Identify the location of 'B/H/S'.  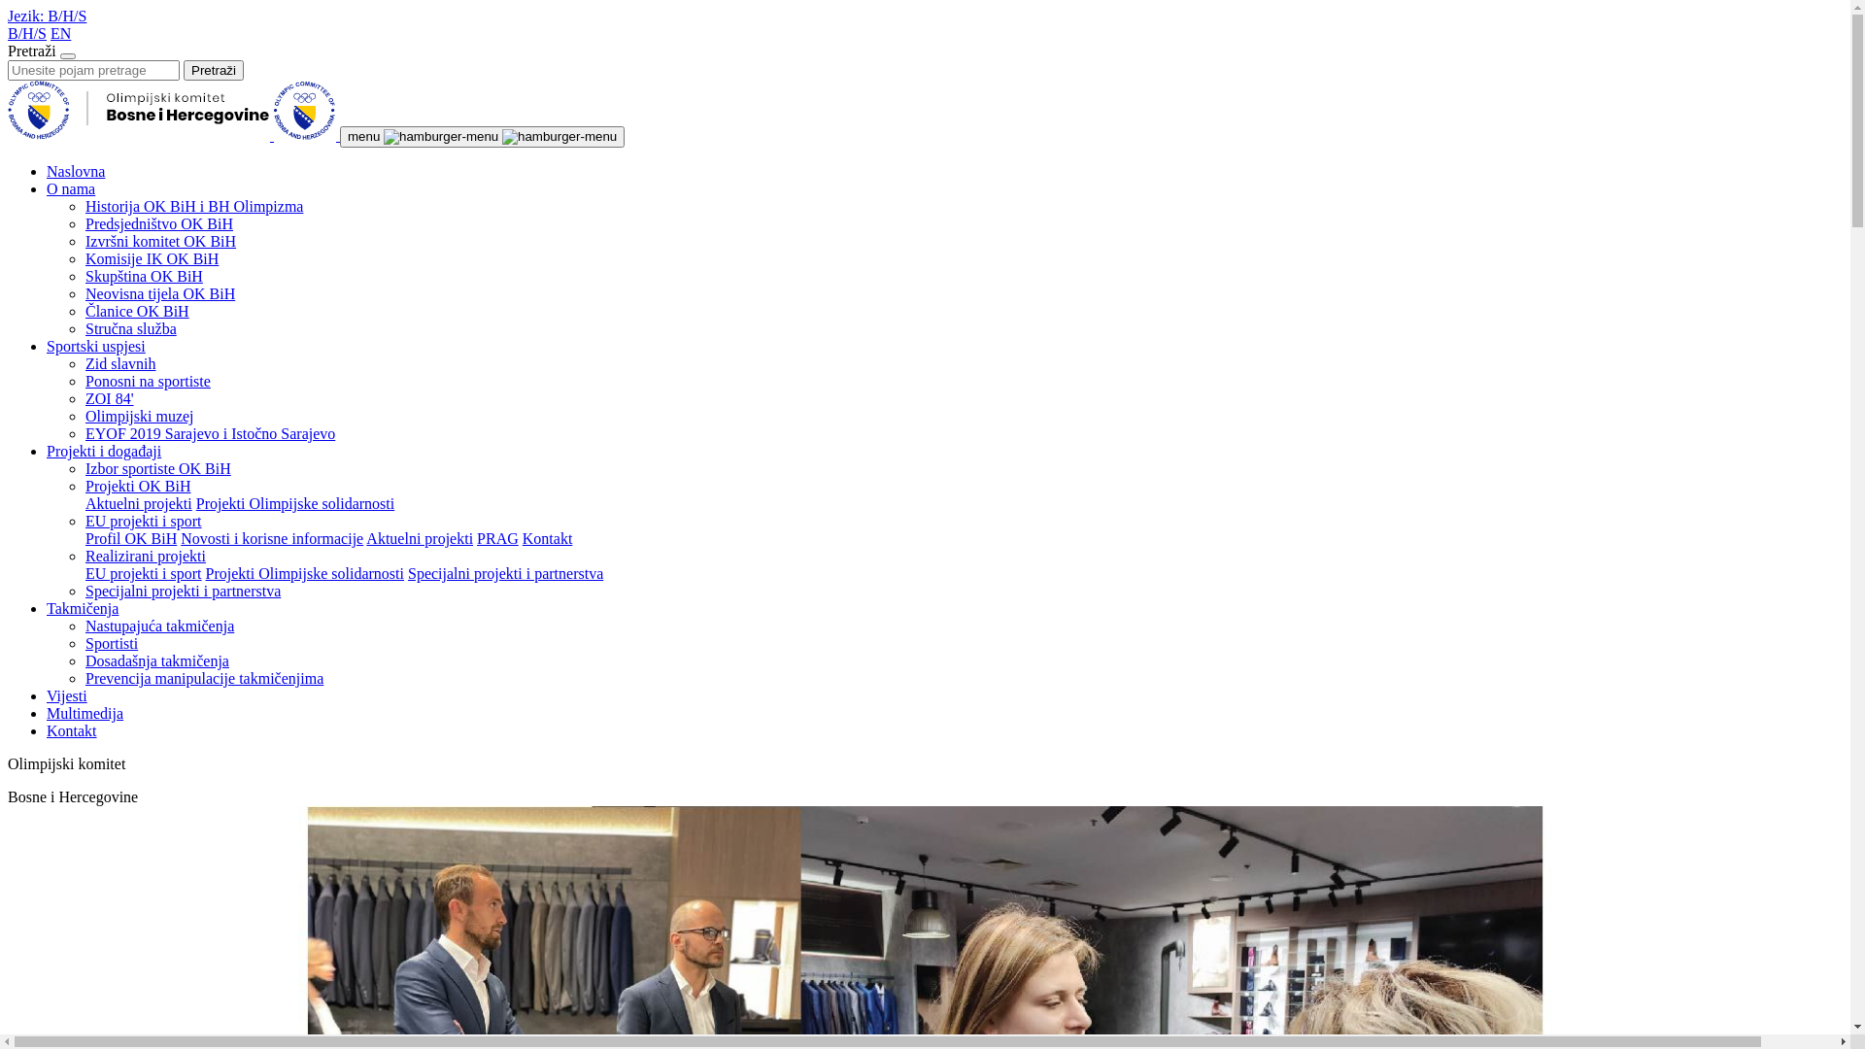
(27, 33).